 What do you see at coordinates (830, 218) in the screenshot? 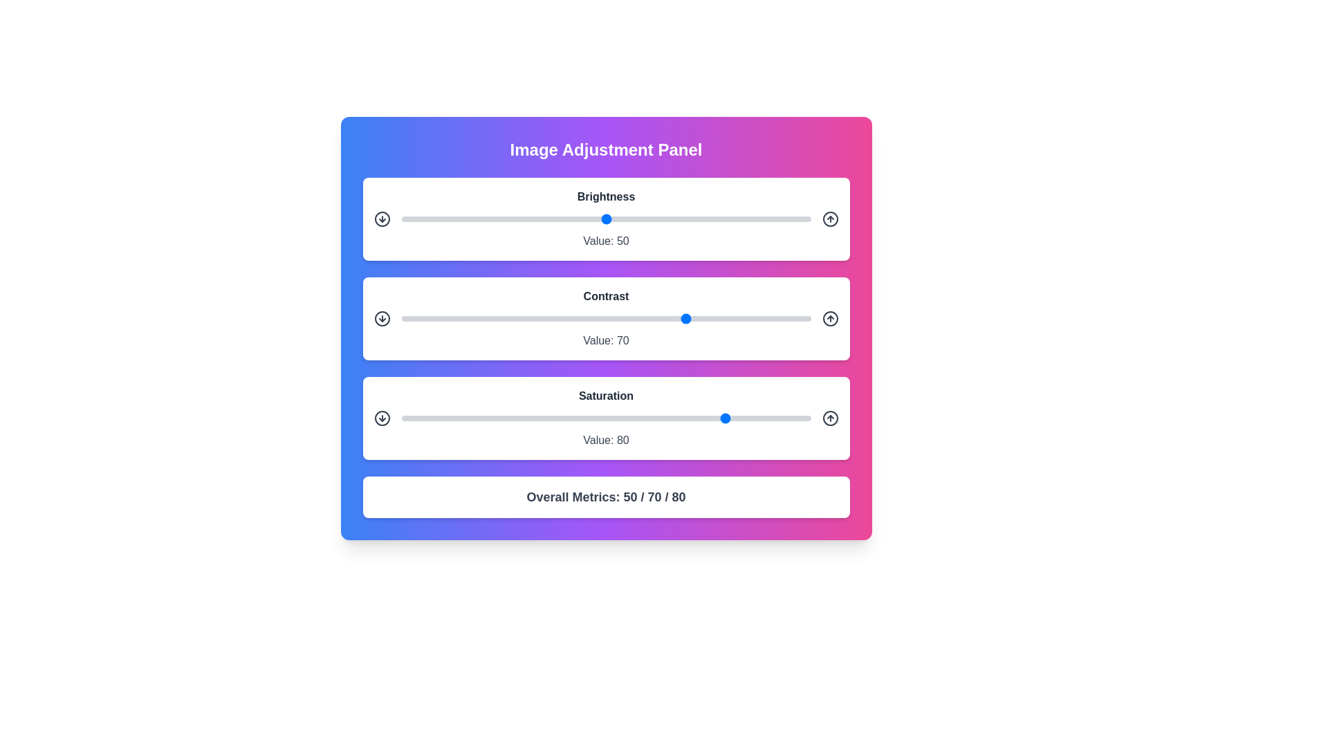
I see `the upward pointing arrow icon inside the circular outline button located at the far right of the horizontal group of elements` at bounding box center [830, 218].